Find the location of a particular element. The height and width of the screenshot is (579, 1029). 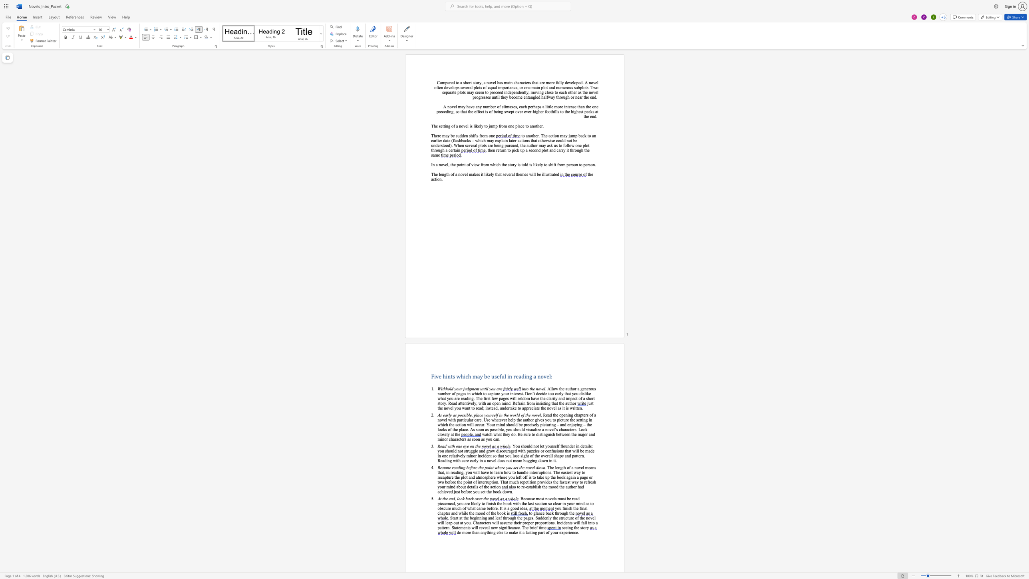

the 3th character "r" in the text is located at coordinates (529, 408).